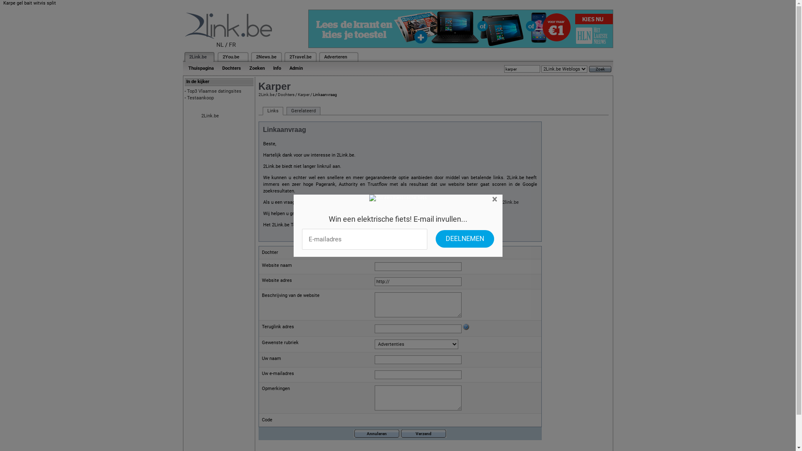  I want to click on '2Travel.be', so click(300, 56).